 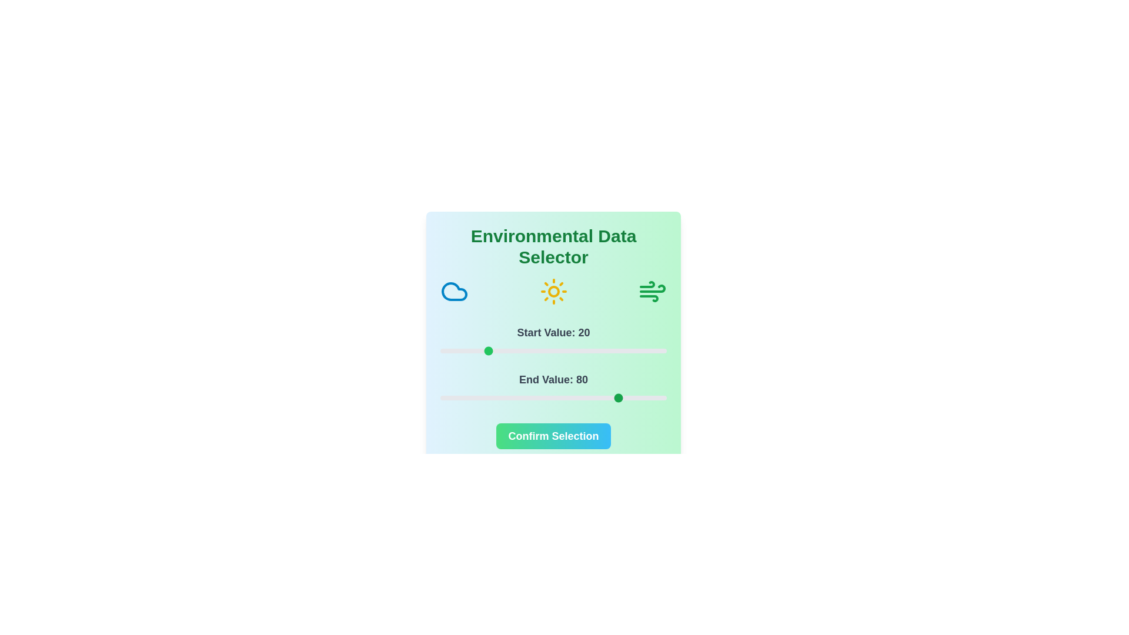 I want to click on and drag the handle of the horizontal slider located under the label 'Start Value: 20' to adjust its value, so click(x=553, y=350).